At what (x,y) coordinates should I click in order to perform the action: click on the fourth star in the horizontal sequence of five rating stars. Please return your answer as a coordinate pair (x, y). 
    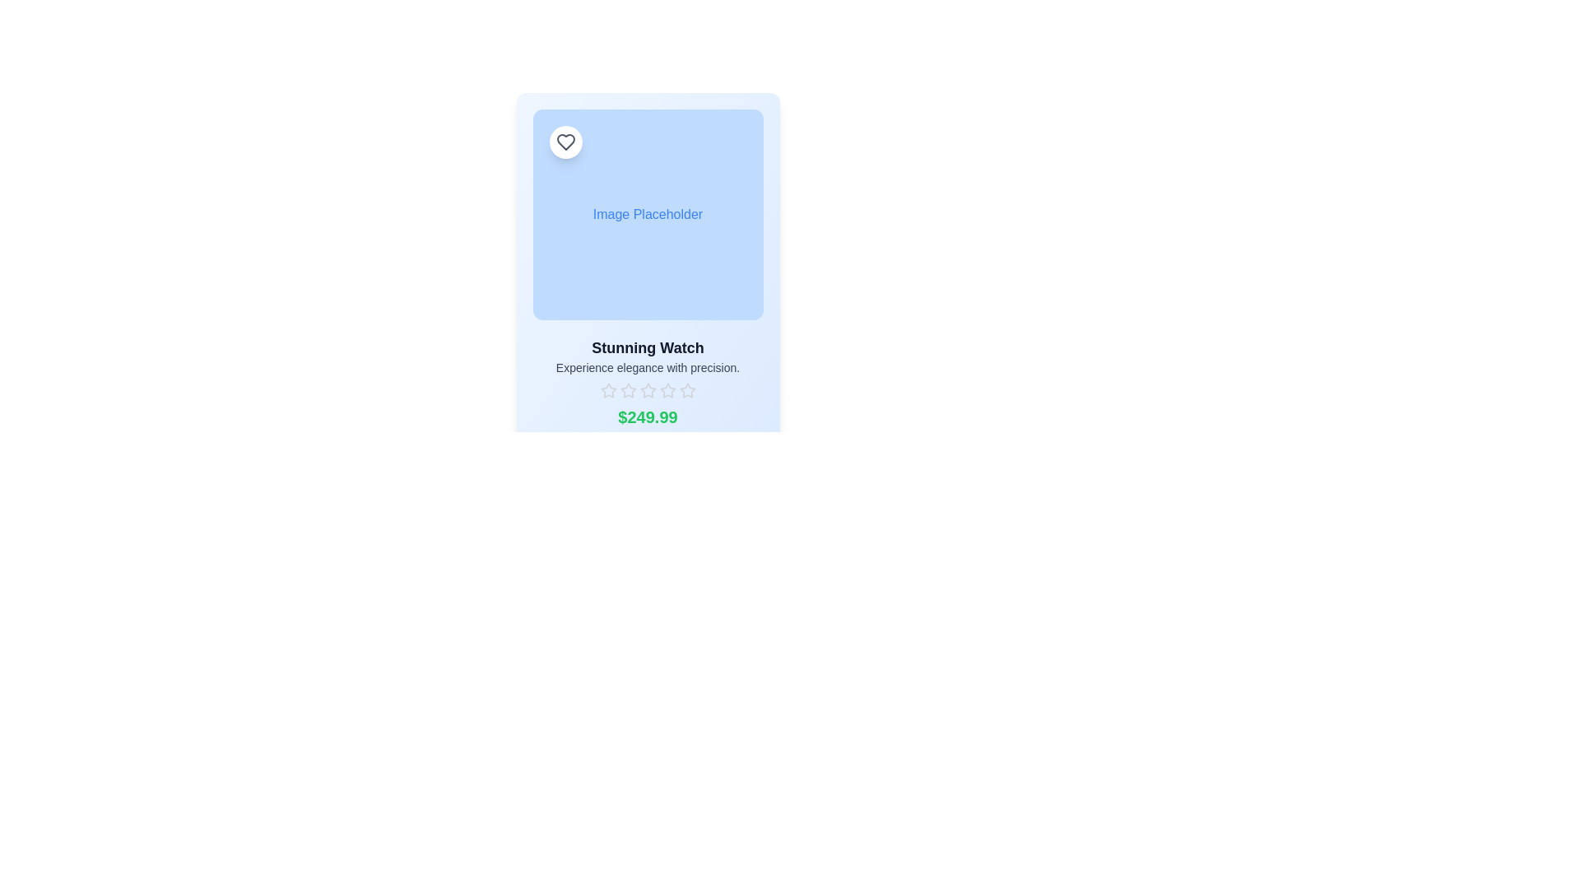
    Looking at the image, I should click on (687, 390).